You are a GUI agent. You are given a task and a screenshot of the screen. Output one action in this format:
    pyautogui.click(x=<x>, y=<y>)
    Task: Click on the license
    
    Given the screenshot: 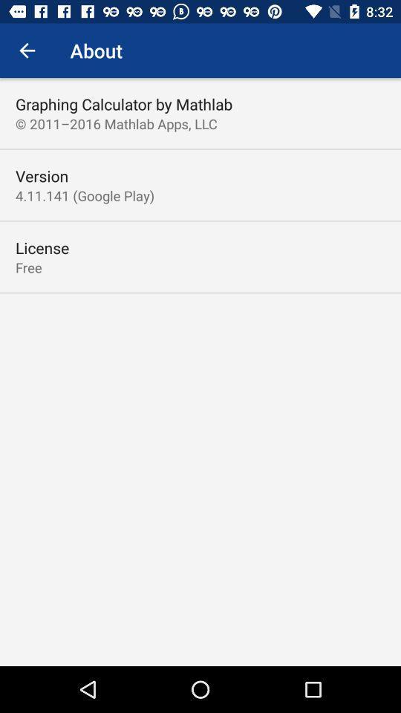 What is the action you would take?
    pyautogui.click(x=42, y=247)
    